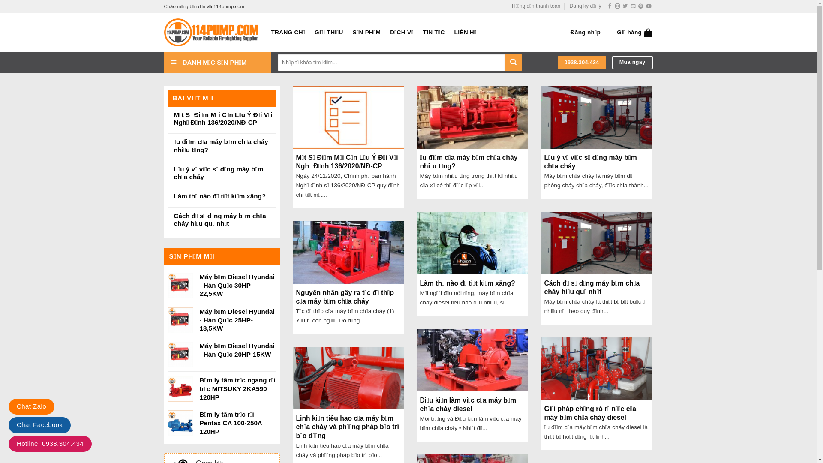 The height and width of the screenshot is (463, 823). I want to click on 'Chat Zalo', so click(31, 406).